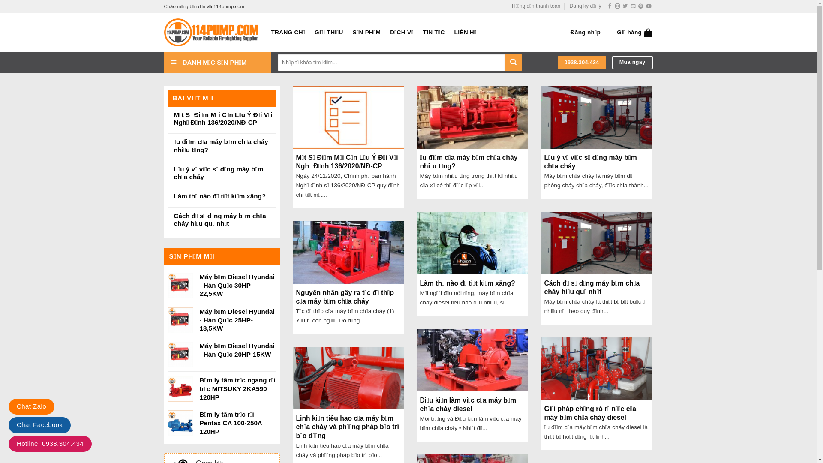 The height and width of the screenshot is (463, 823). I want to click on 'Chat Zalo', so click(31, 406).